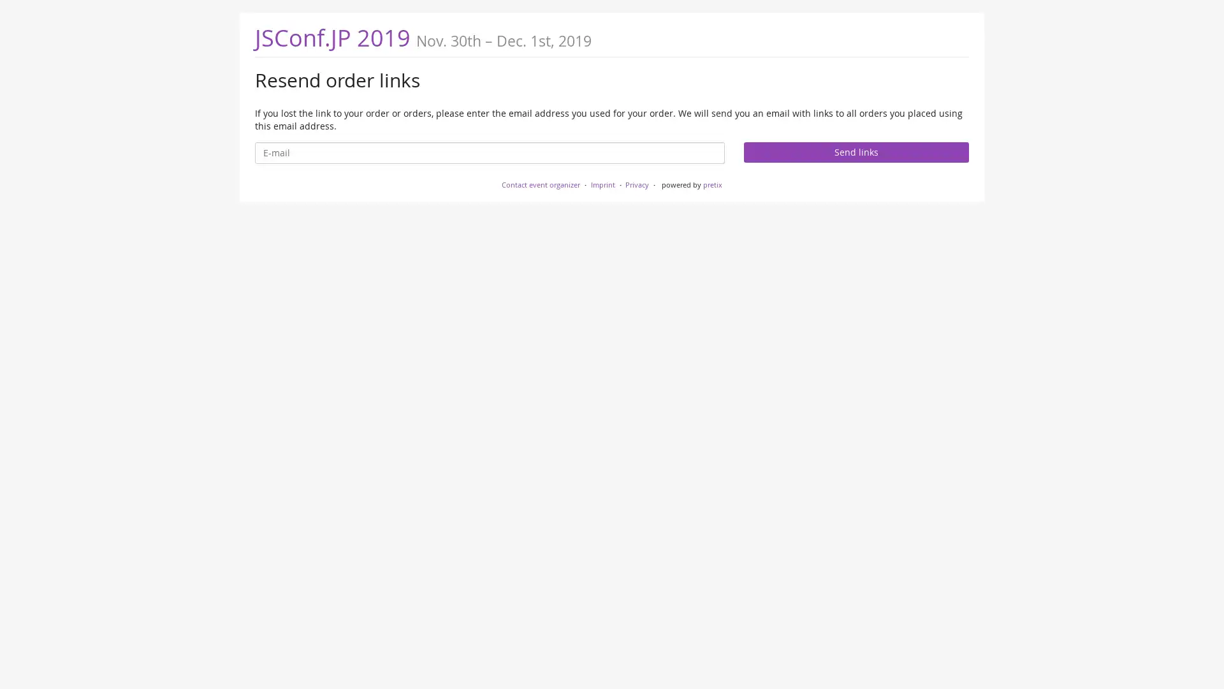 The height and width of the screenshot is (689, 1224). Describe the element at coordinates (856, 151) in the screenshot. I see `Send links` at that location.